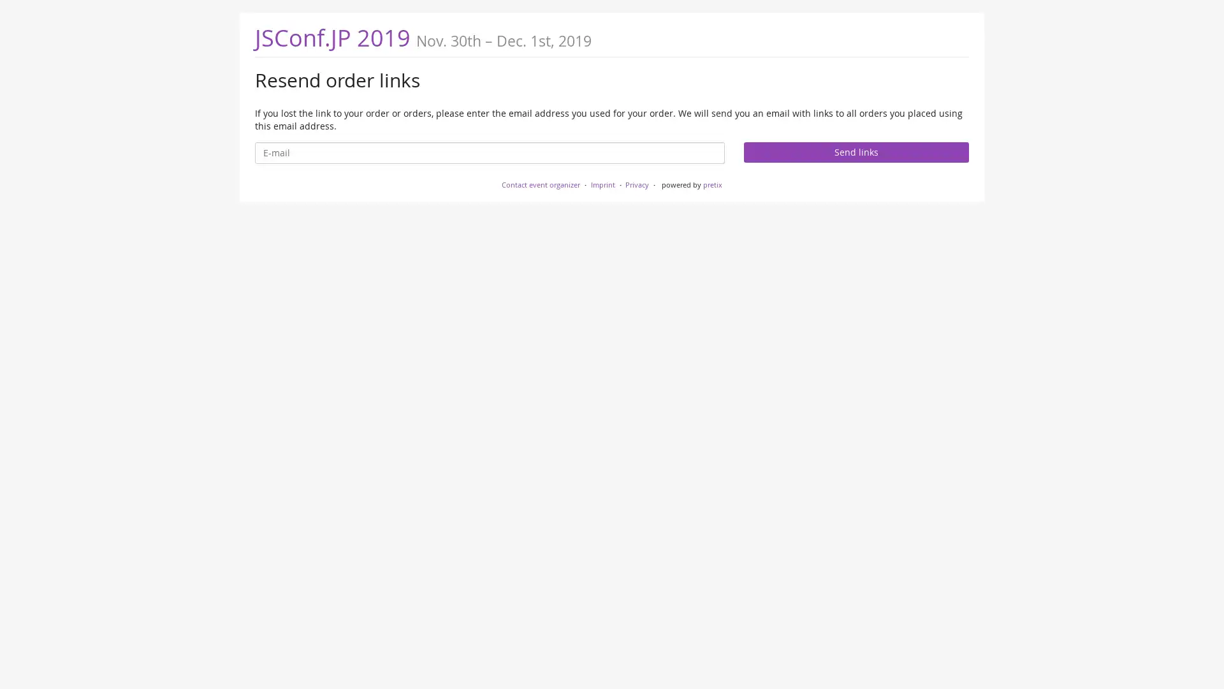 The height and width of the screenshot is (689, 1224). Describe the element at coordinates (856, 151) in the screenshot. I see `Send links` at that location.